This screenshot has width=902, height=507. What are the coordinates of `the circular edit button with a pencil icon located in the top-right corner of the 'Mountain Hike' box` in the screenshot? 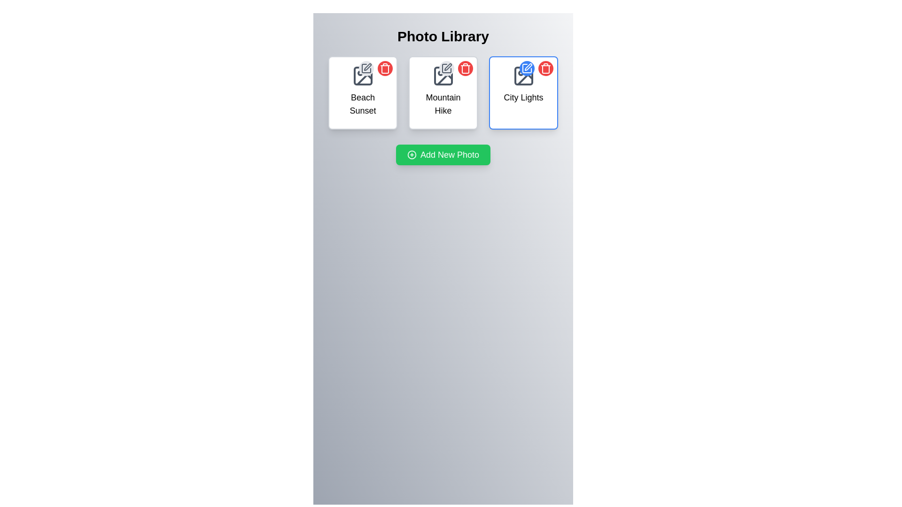 It's located at (446, 68).